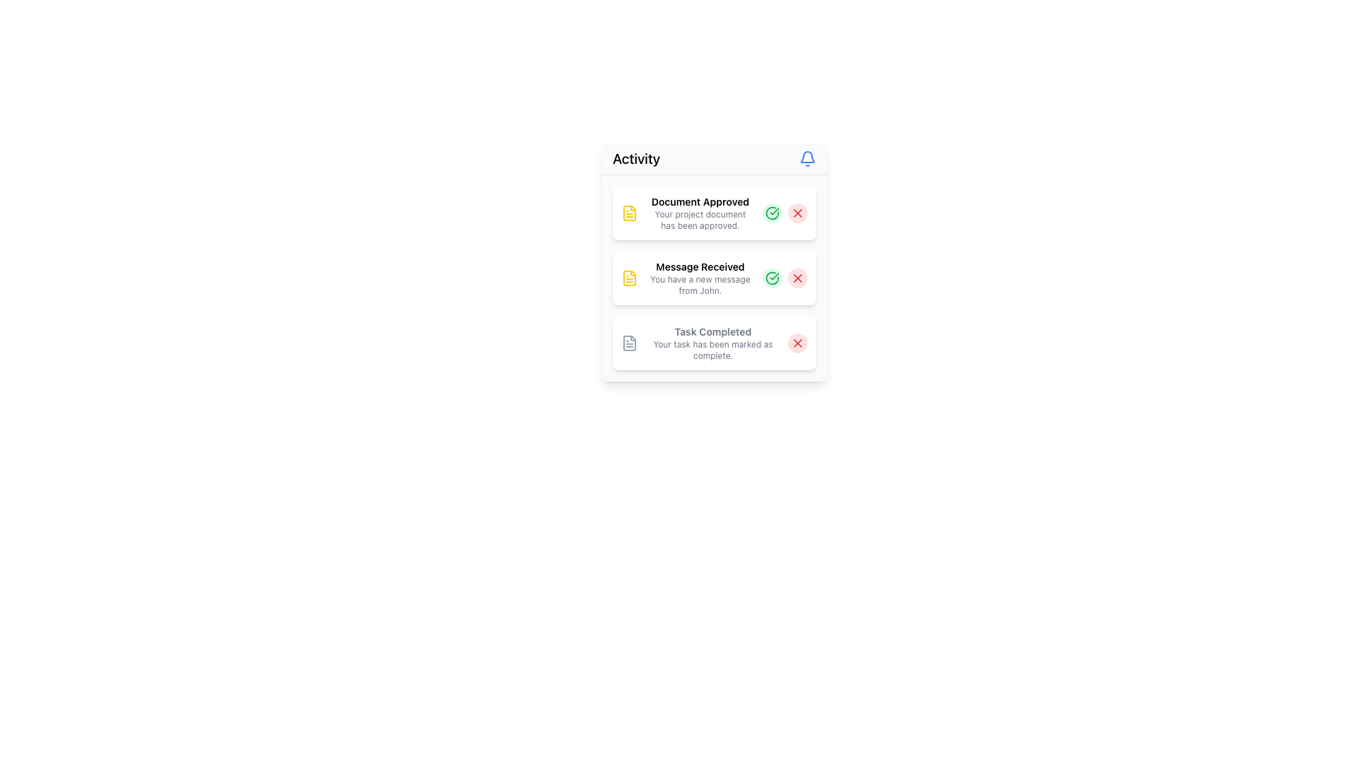  What do you see at coordinates (797, 343) in the screenshot?
I see `the cancel icon located to the far right of the 'Task Completed' item in the 'Activity' section` at bounding box center [797, 343].